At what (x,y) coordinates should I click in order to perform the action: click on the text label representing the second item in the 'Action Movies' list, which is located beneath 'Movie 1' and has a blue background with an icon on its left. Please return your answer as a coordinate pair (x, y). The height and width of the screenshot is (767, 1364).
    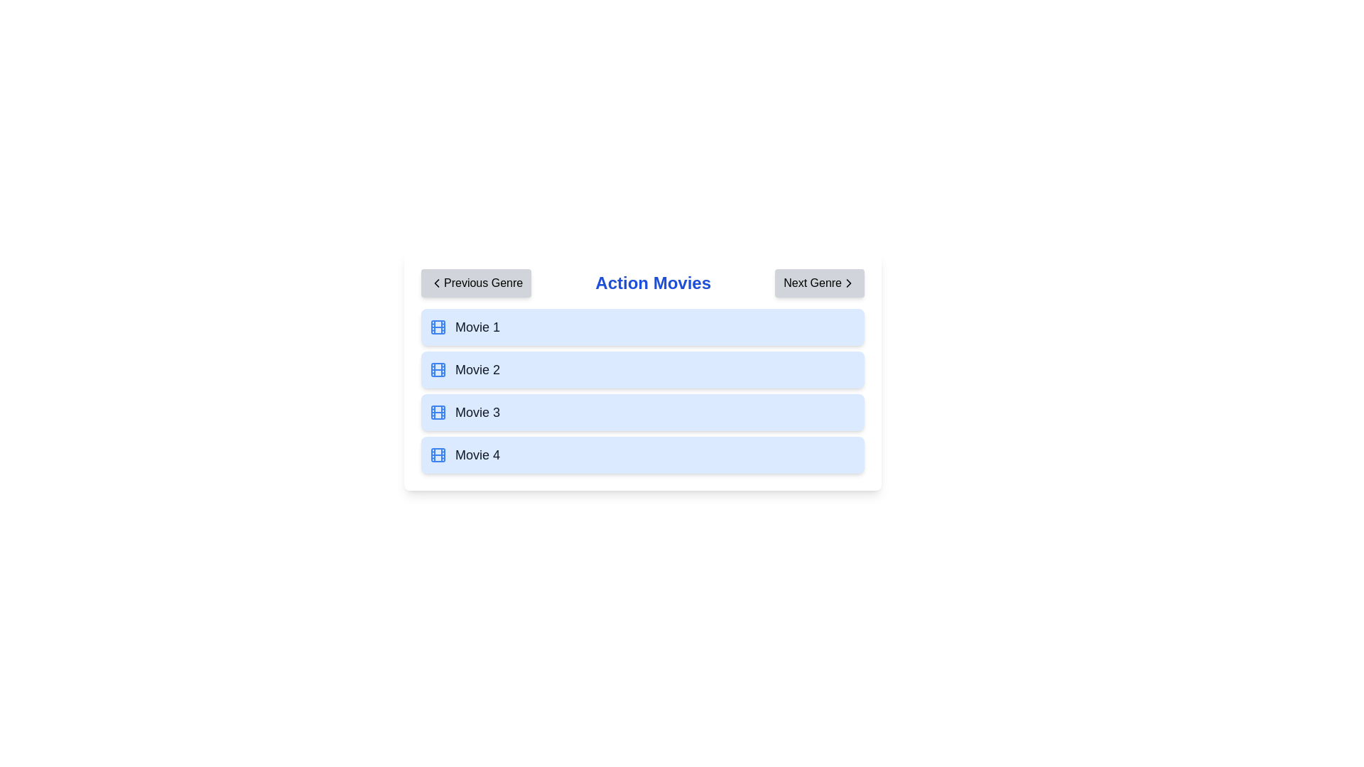
    Looking at the image, I should click on (477, 369).